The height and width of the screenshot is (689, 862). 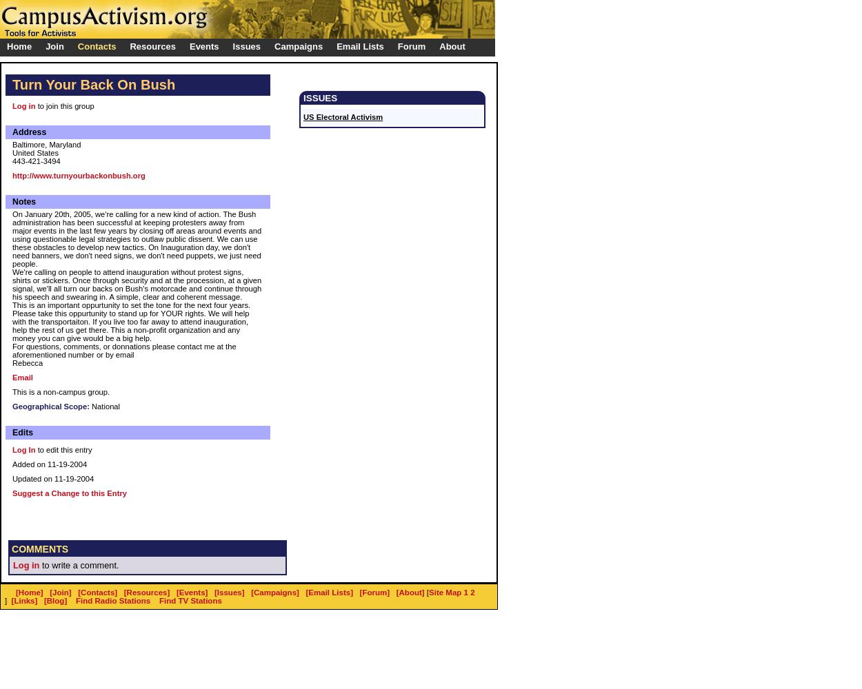 What do you see at coordinates (39, 549) in the screenshot?
I see `'COMMENTS'` at bounding box center [39, 549].